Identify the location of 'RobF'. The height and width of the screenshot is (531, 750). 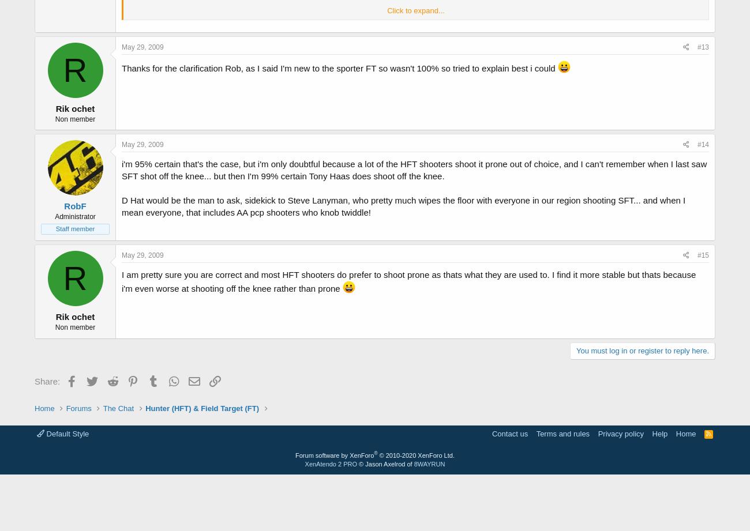
(74, 205).